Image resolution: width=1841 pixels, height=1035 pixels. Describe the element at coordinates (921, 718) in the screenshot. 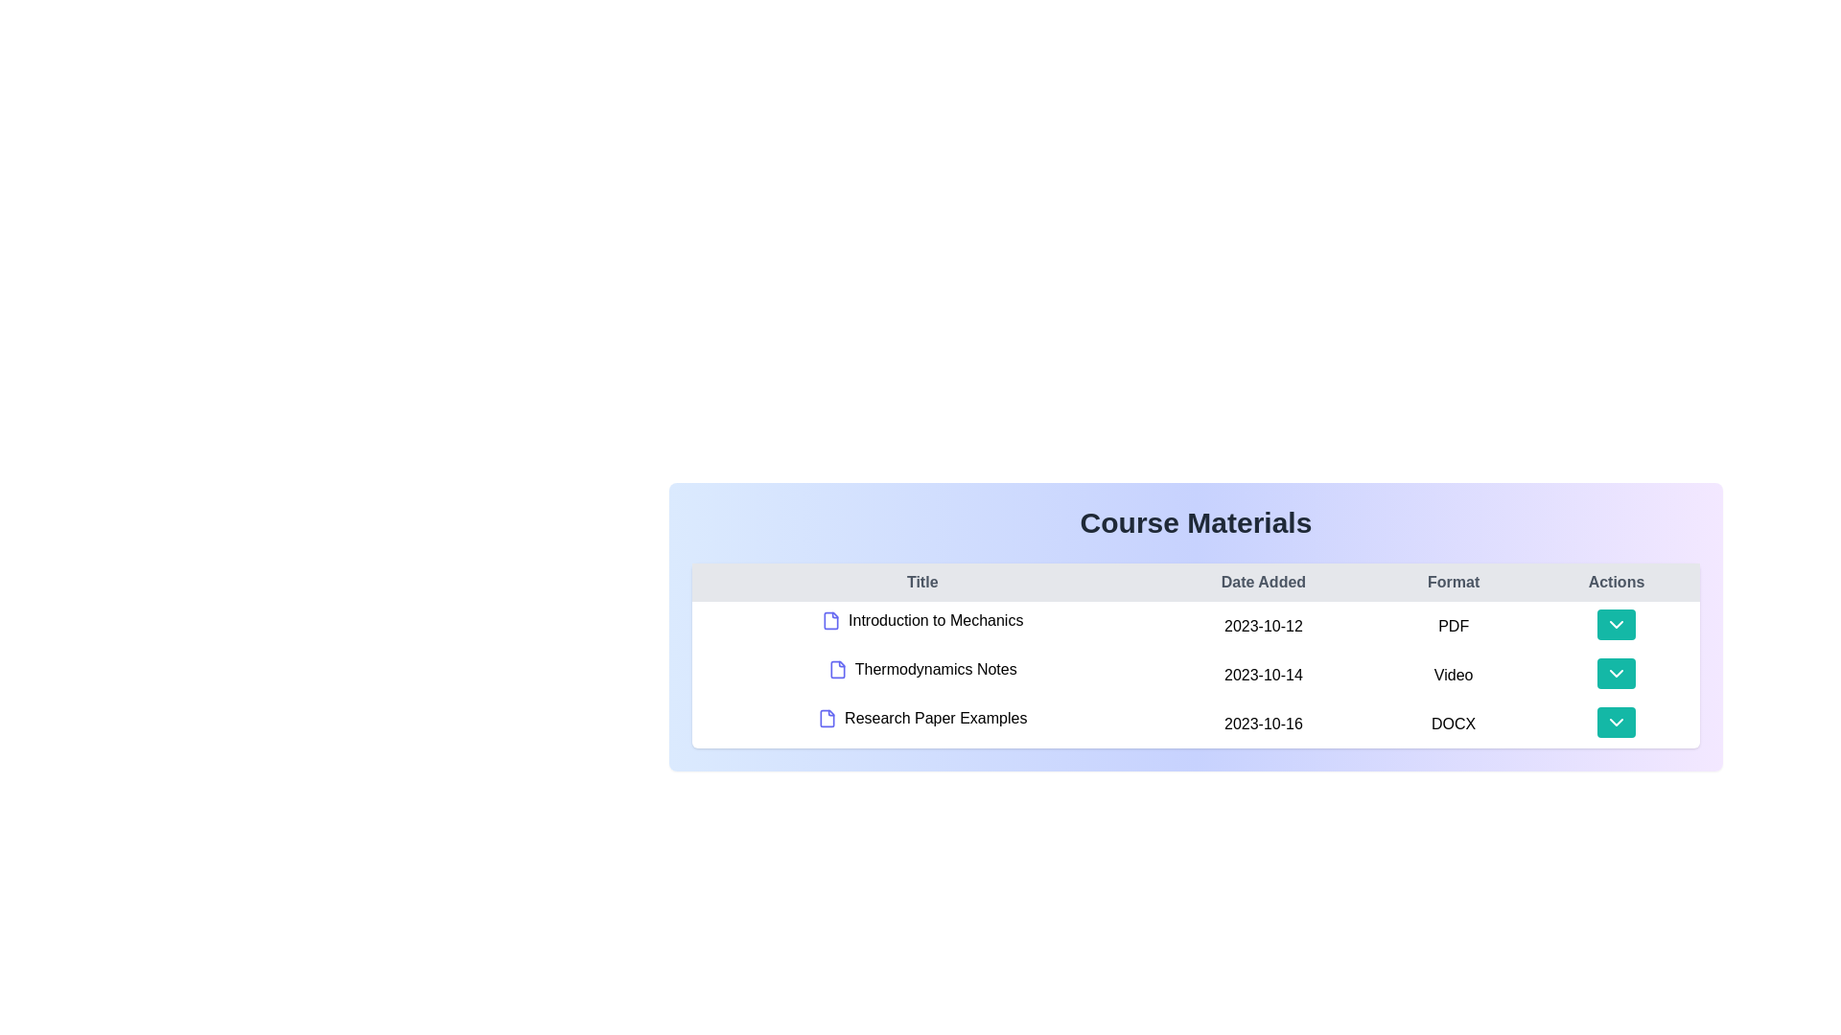

I see `the Label with Icon displaying the title of the course material entry for the example research paper to associate it with its file type` at that location.